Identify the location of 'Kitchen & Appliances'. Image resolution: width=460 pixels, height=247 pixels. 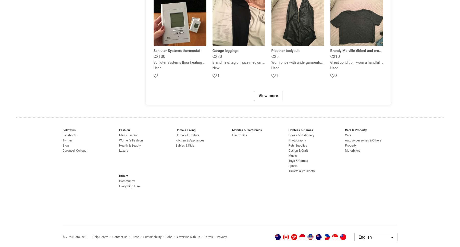
(190, 140).